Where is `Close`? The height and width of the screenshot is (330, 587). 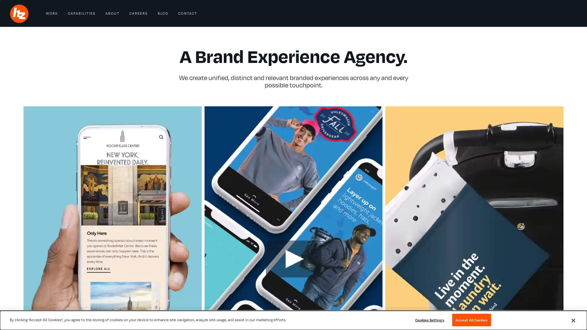 Close is located at coordinates (573, 320).